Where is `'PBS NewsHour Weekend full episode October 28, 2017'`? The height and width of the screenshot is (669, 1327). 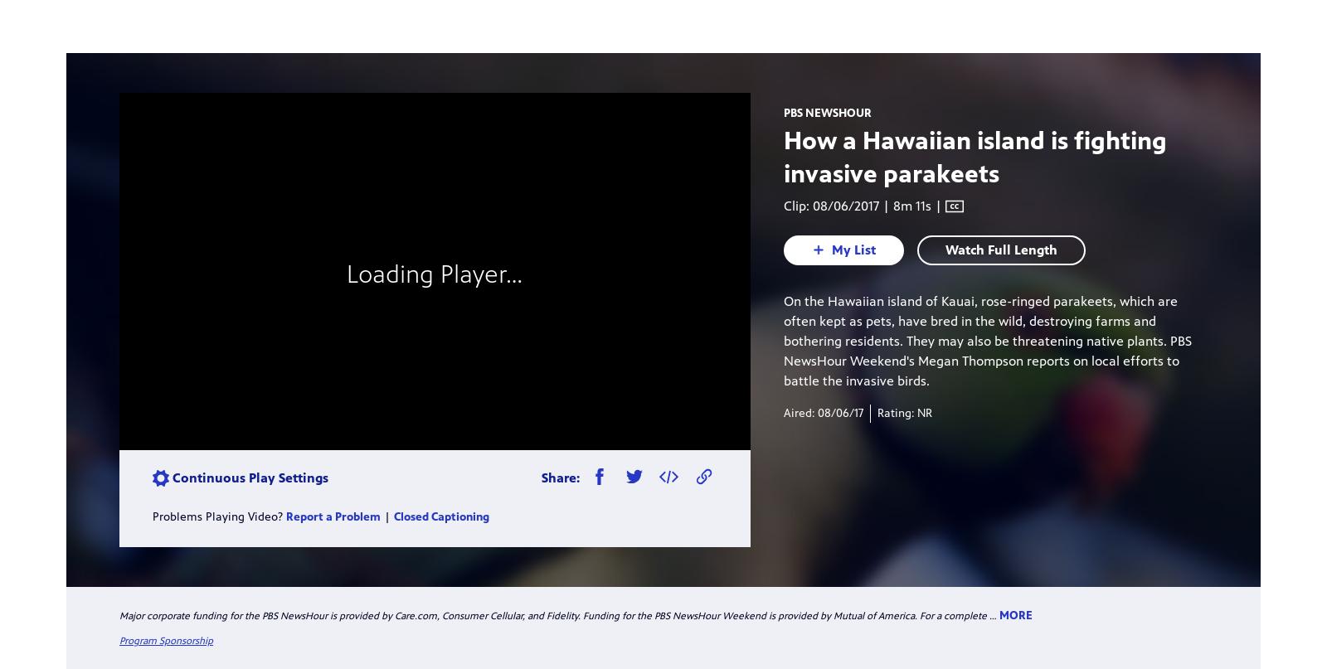
'PBS NewsHour Weekend full episode October 28, 2017' is located at coordinates (853, 369).